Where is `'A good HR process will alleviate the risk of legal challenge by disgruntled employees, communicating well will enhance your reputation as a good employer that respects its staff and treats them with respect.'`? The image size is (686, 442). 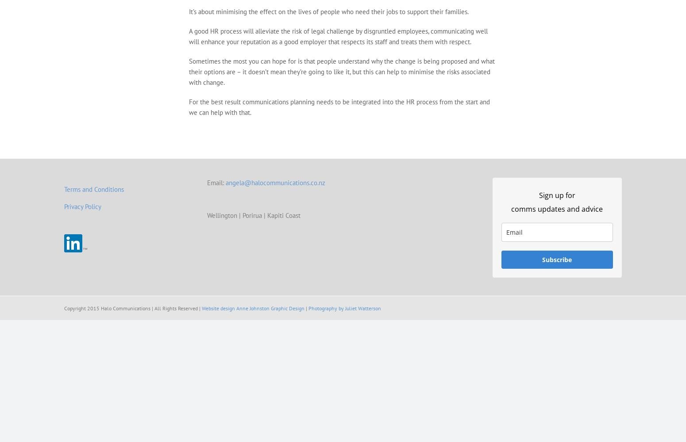
'A good HR process will alleviate the risk of legal challenge by disgruntled employees, communicating well will enhance your reputation as a good employer that respects its staff and treats them with respect.' is located at coordinates (338, 36).